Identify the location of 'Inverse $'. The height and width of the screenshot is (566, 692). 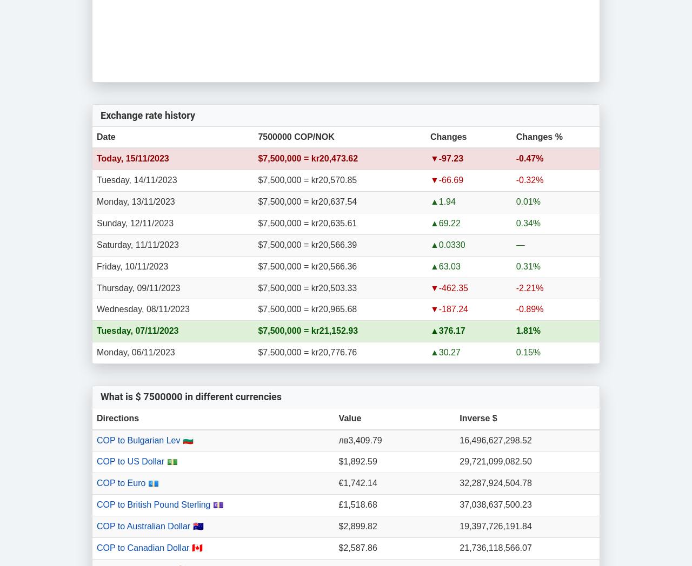
(477, 417).